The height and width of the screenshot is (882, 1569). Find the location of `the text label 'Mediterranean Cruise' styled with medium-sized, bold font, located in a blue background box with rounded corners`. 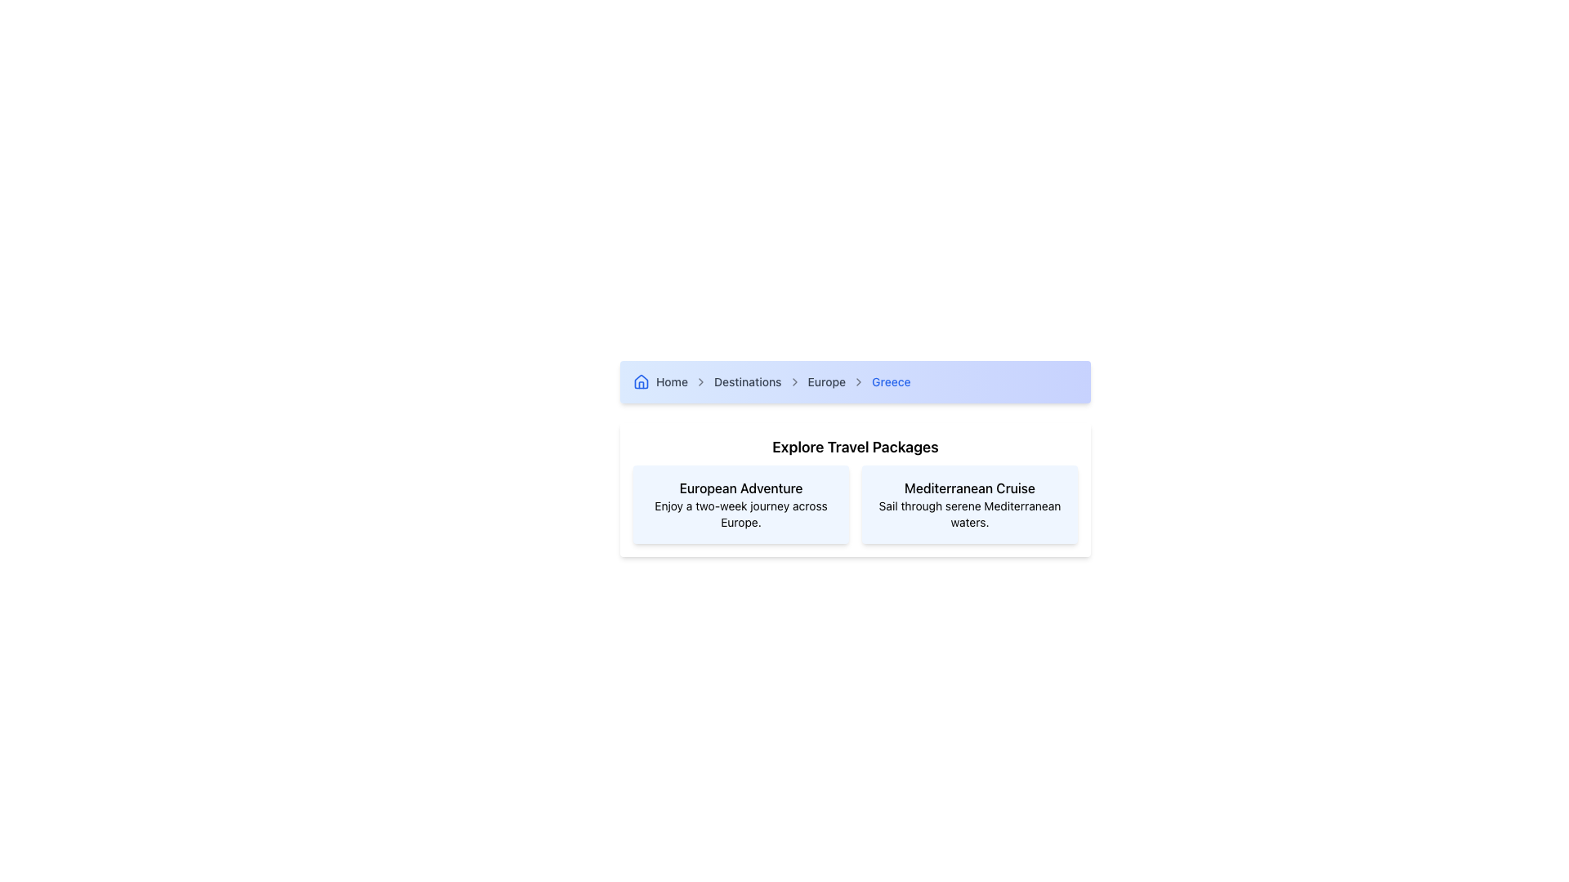

the text label 'Mediterranean Cruise' styled with medium-sized, bold font, located in a blue background box with rounded corners is located at coordinates (969, 487).